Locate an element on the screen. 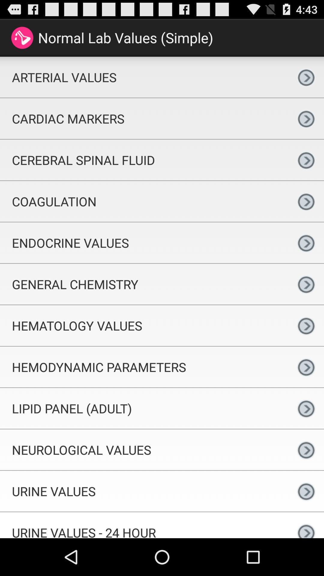  the cardiac markers icon is located at coordinates (144, 118).